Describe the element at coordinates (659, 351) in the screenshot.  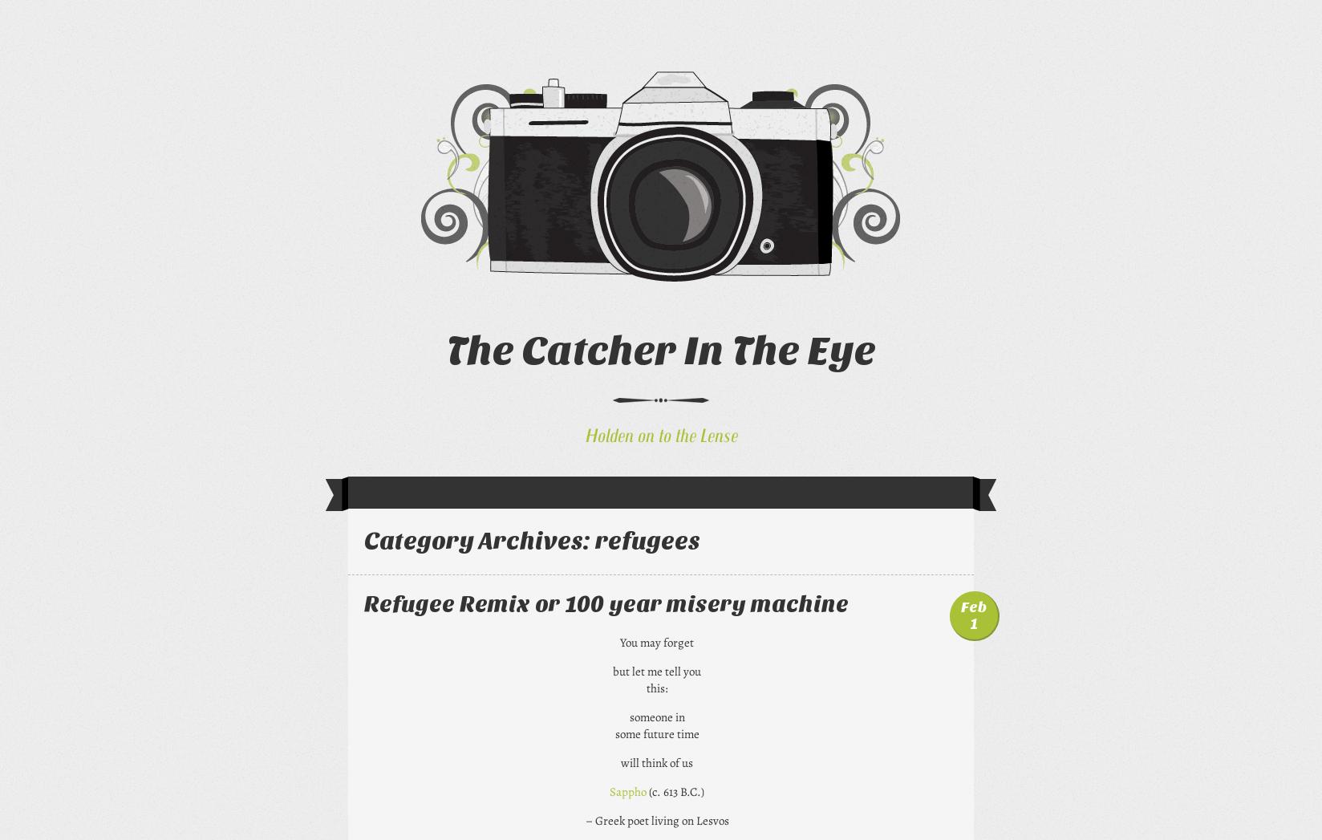
I see `'The Catcher In The Eye'` at that location.